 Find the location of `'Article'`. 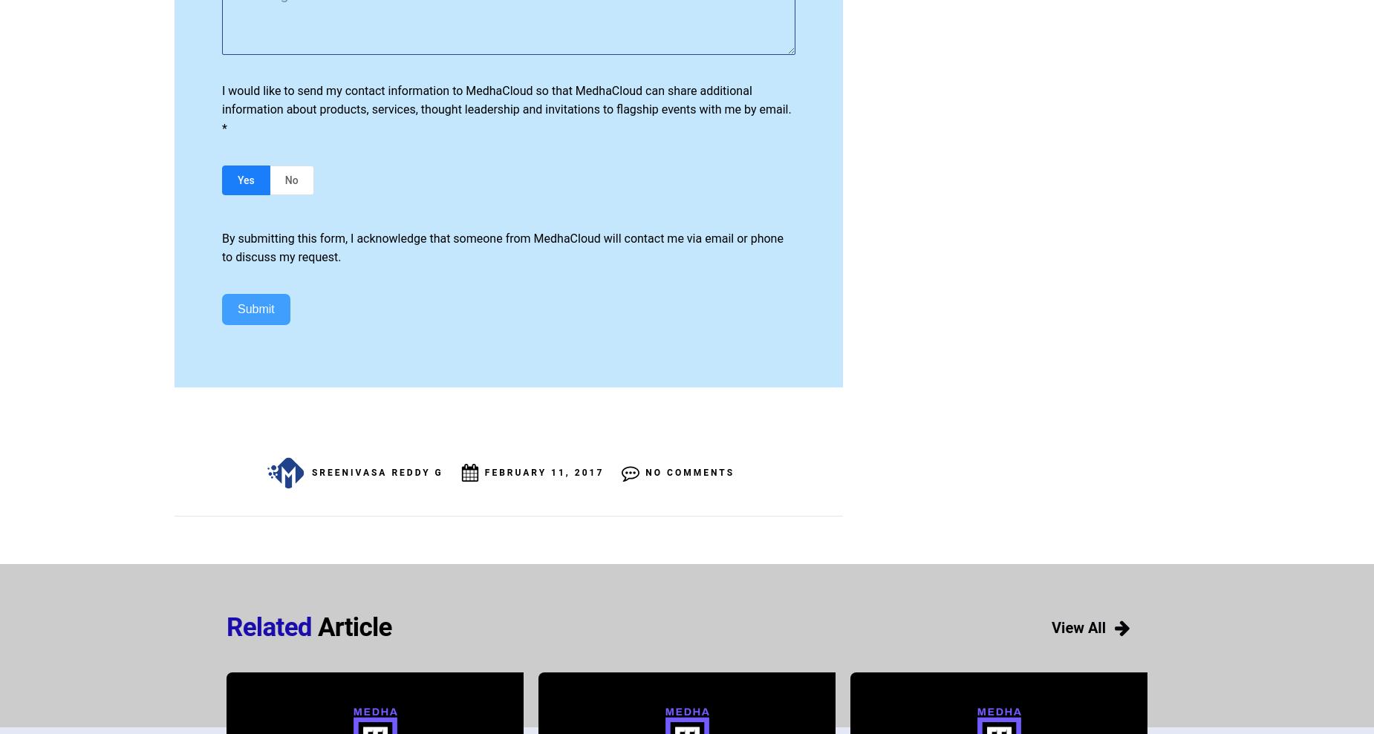

'Article' is located at coordinates (351, 626).